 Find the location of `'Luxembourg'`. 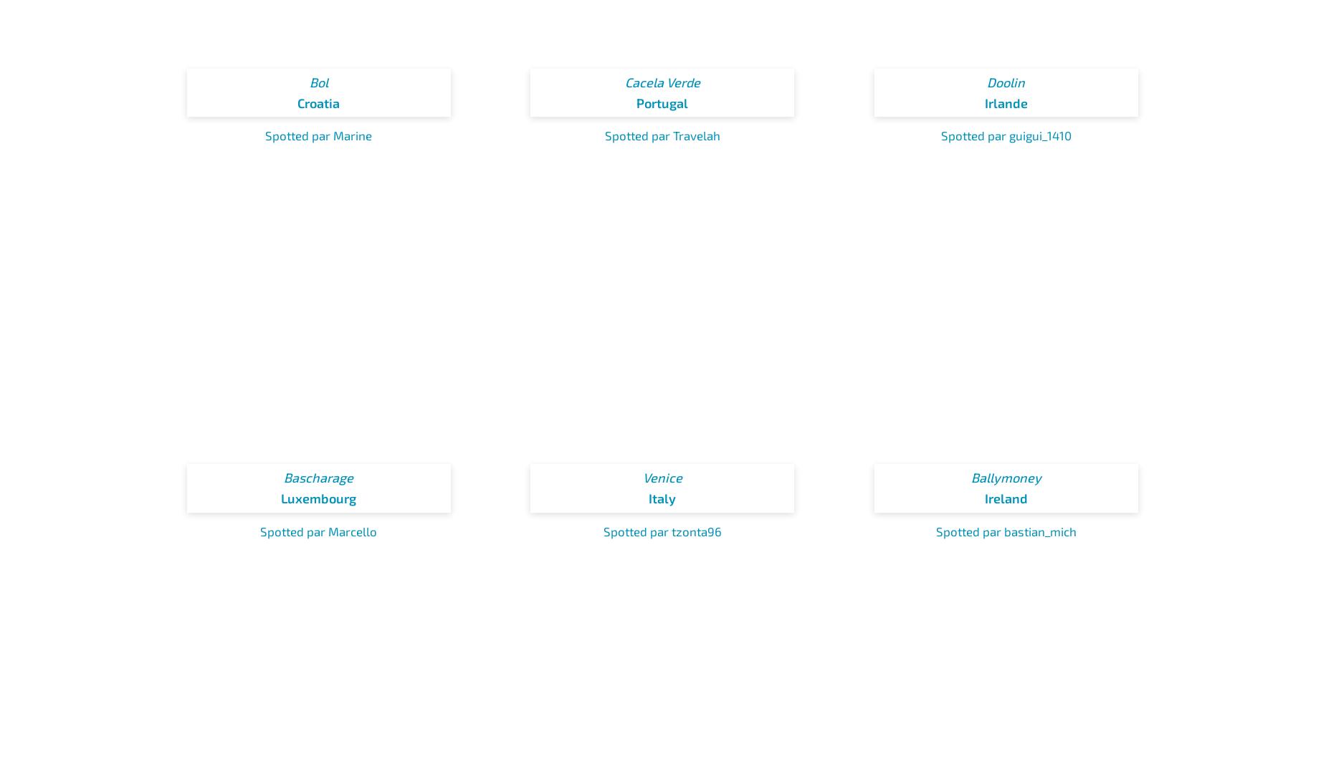

'Luxembourg' is located at coordinates (318, 497).